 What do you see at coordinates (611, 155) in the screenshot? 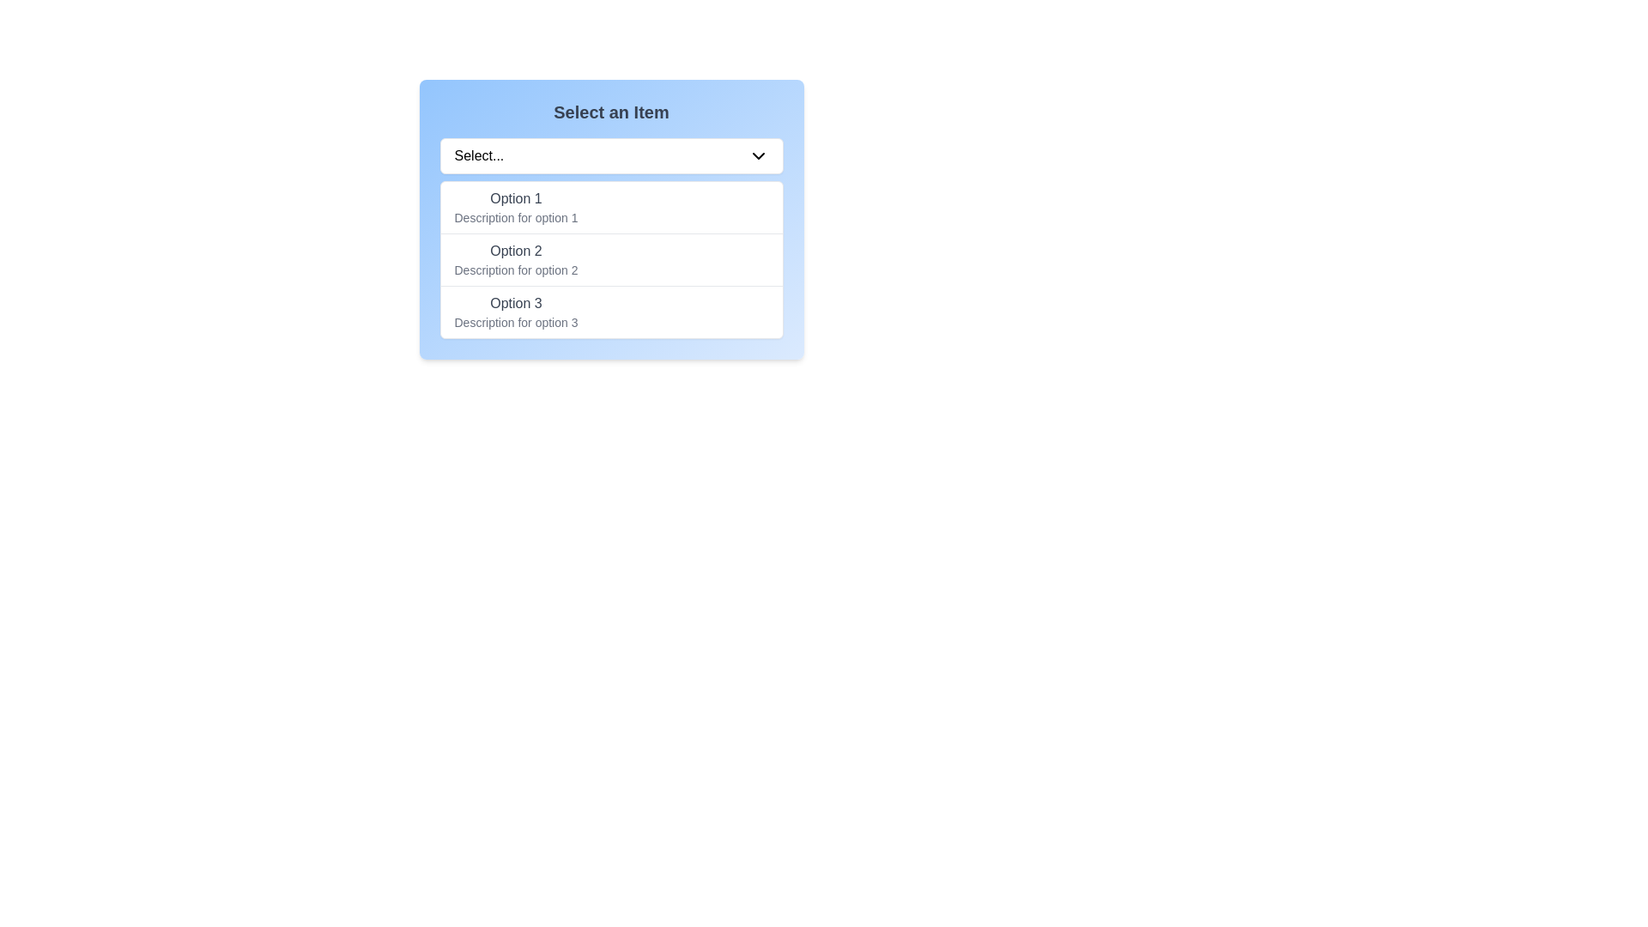
I see `the dropdown menu located below the title 'Select an Item'` at bounding box center [611, 155].